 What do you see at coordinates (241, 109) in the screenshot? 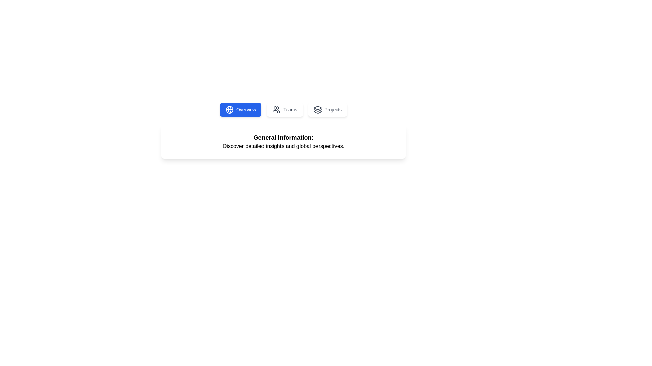
I see `the 'Overview' button, which has a blue background, white text, and a globe icon` at bounding box center [241, 109].